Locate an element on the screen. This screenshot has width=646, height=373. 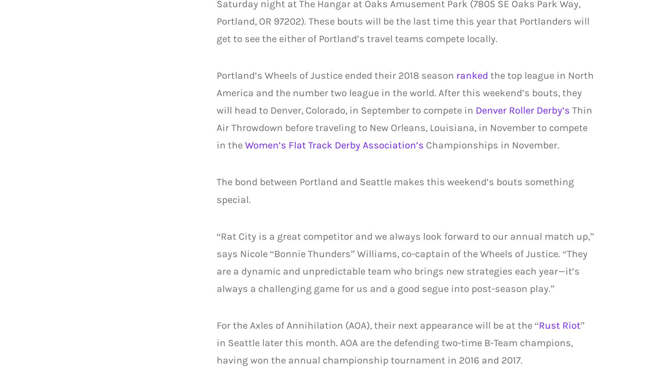
'ranked' is located at coordinates (456, 75).